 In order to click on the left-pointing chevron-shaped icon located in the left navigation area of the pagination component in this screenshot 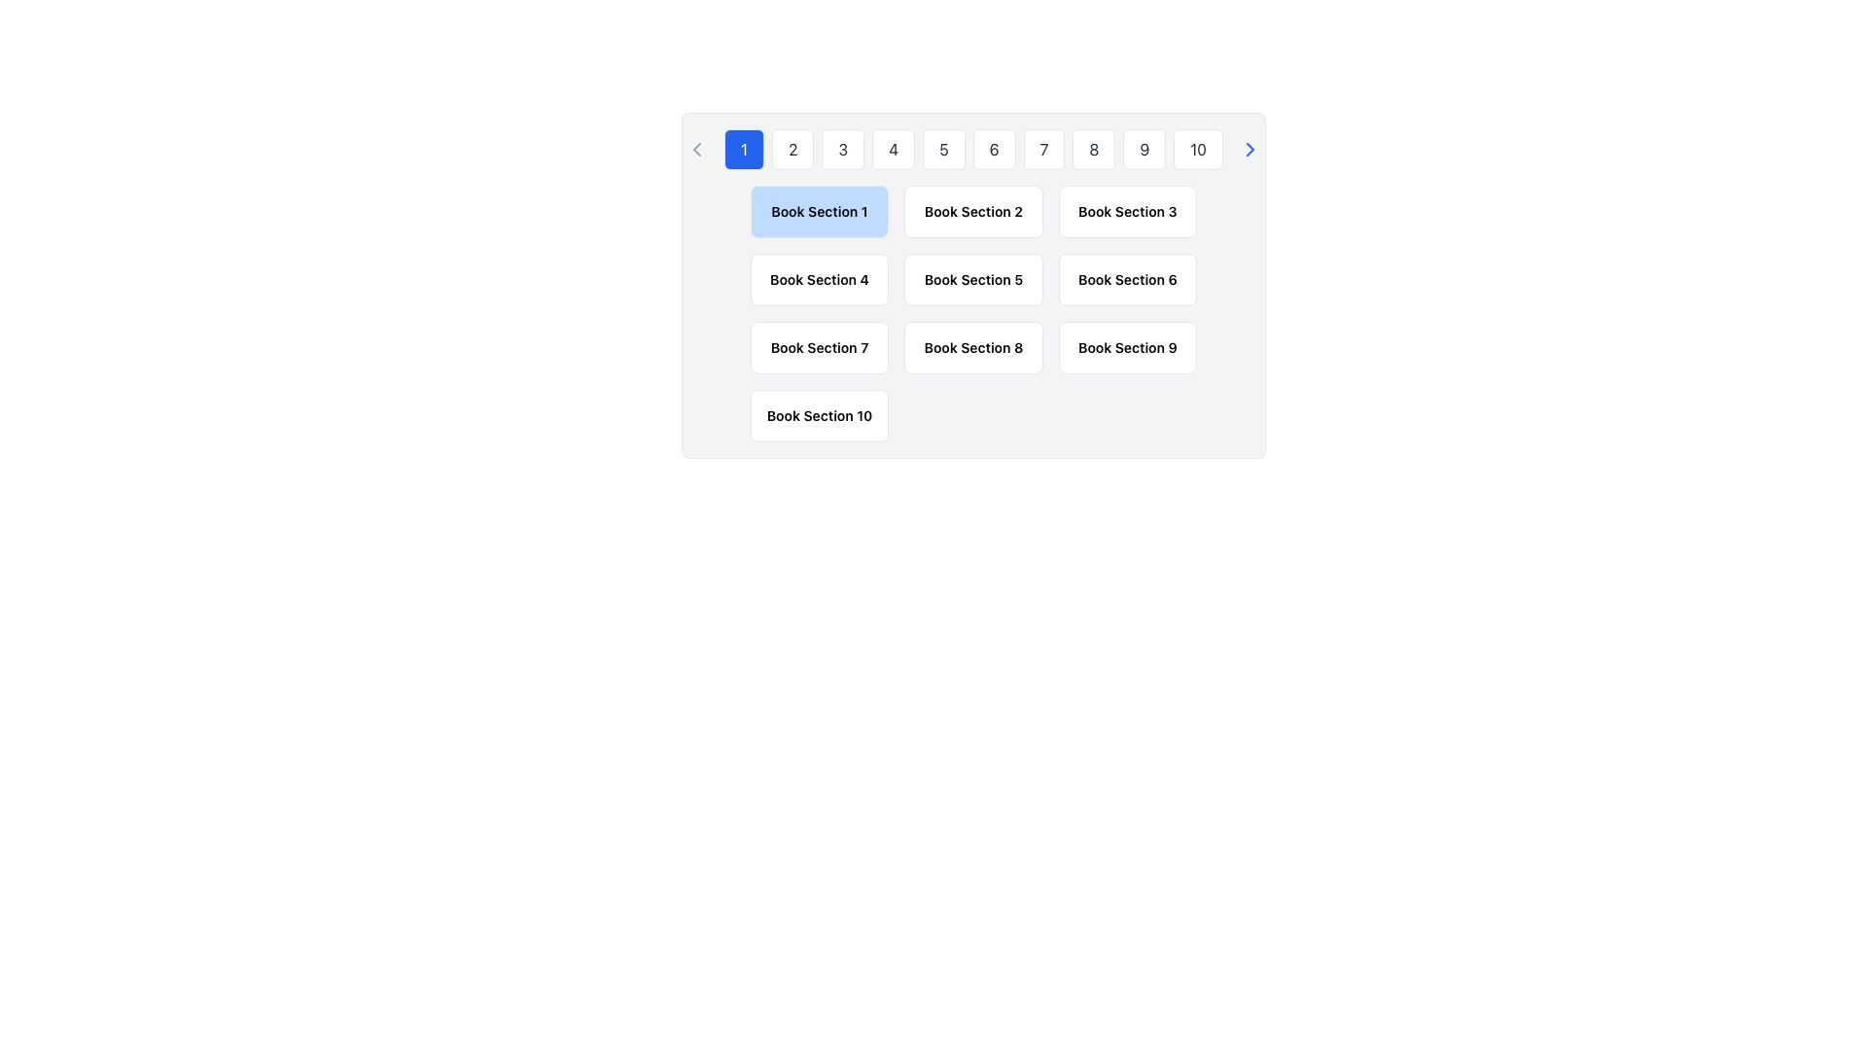, I will do `click(696, 149)`.